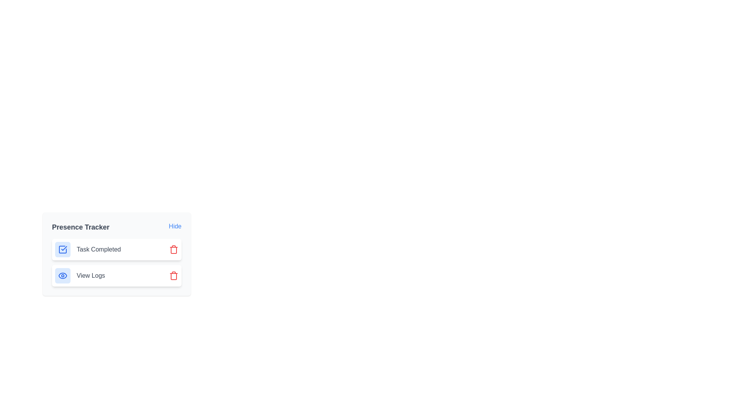  What do you see at coordinates (91, 275) in the screenshot?
I see `the 'View Logs' text element, which is displayed in gray within a white card layout, positioned right of an eye icon and above a red trash icon in the 'Presence Tracker' section` at bounding box center [91, 275].